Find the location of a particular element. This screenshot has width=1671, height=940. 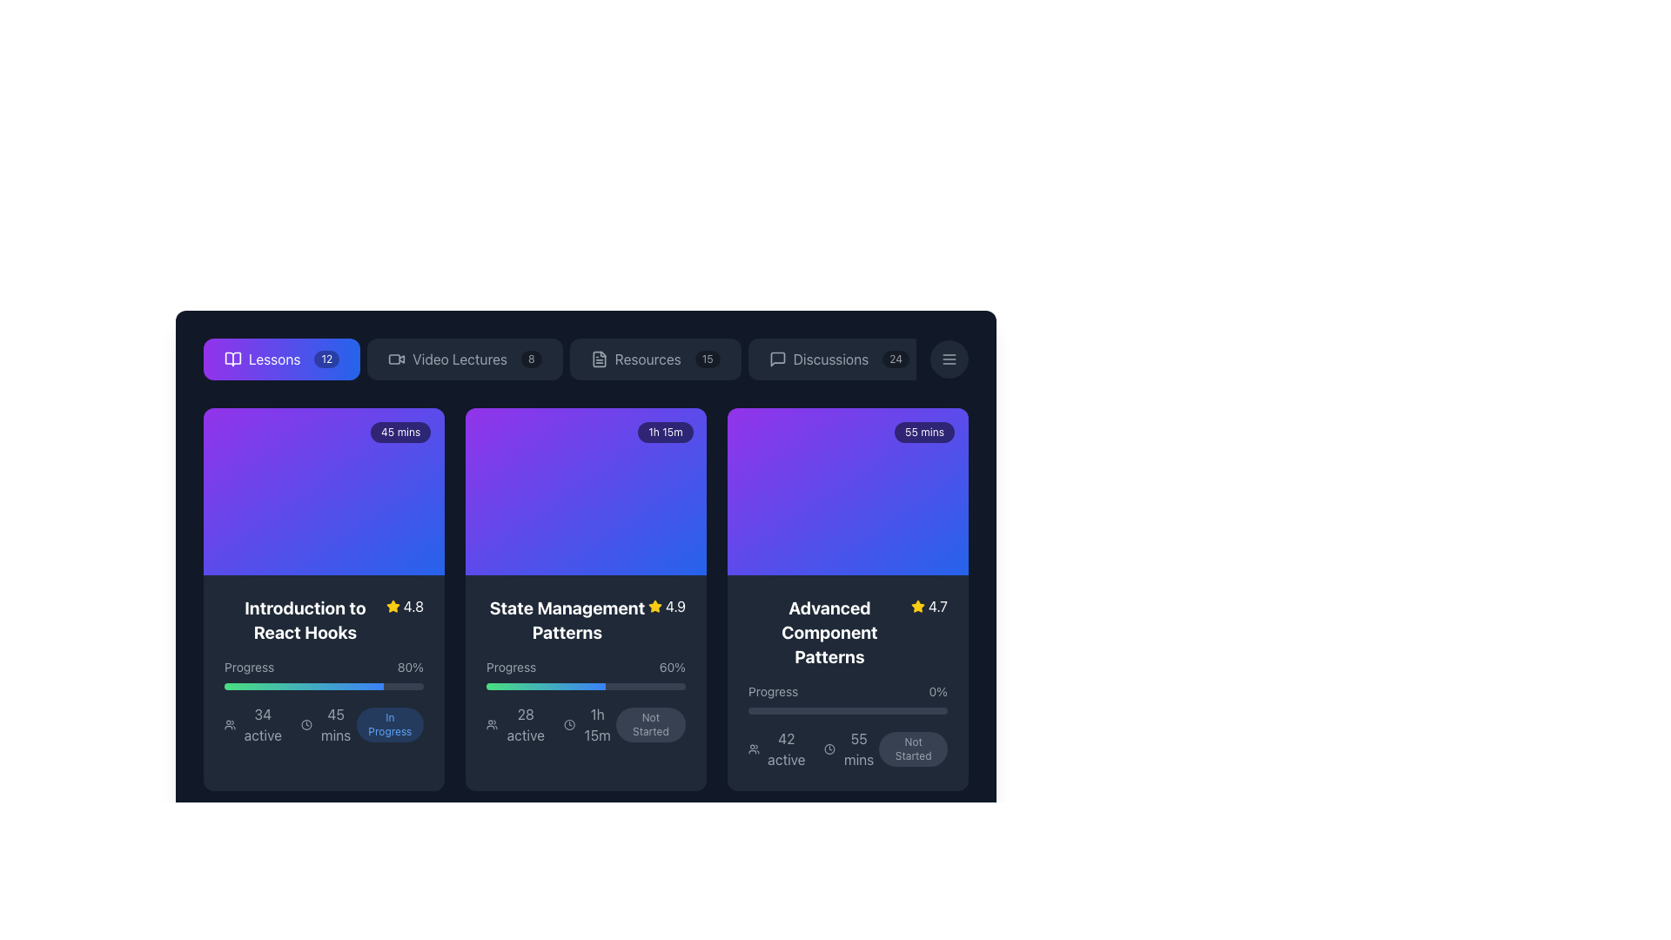

information from the Text label with an icon located in the bottom-left corner of the 'Introduction to React Hooks' card is located at coordinates (254, 725).